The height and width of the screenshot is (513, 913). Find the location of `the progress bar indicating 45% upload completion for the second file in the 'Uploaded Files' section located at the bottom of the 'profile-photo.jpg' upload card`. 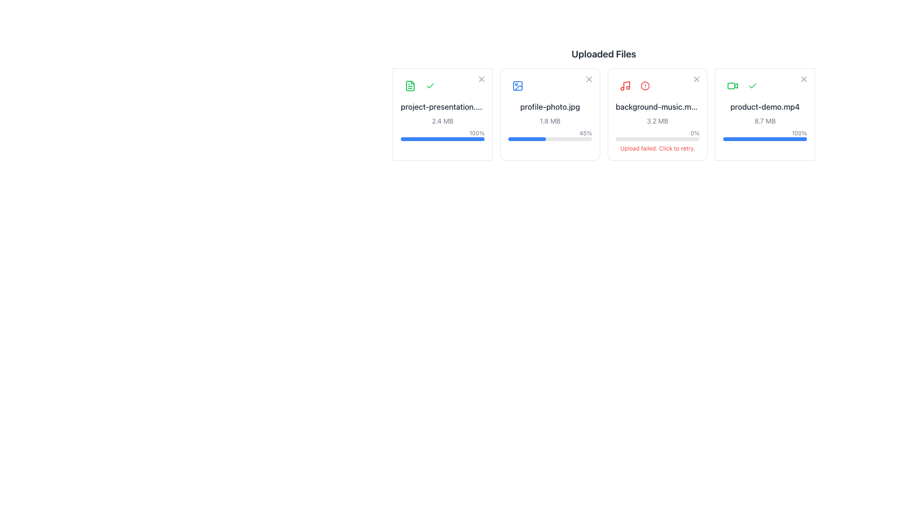

the progress bar indicating 45% upload completion for the second file in the 'Uploaded Files' section located at the bottom of the 'profile-photo.jpg' upload card is located at coordinates (550, 139).